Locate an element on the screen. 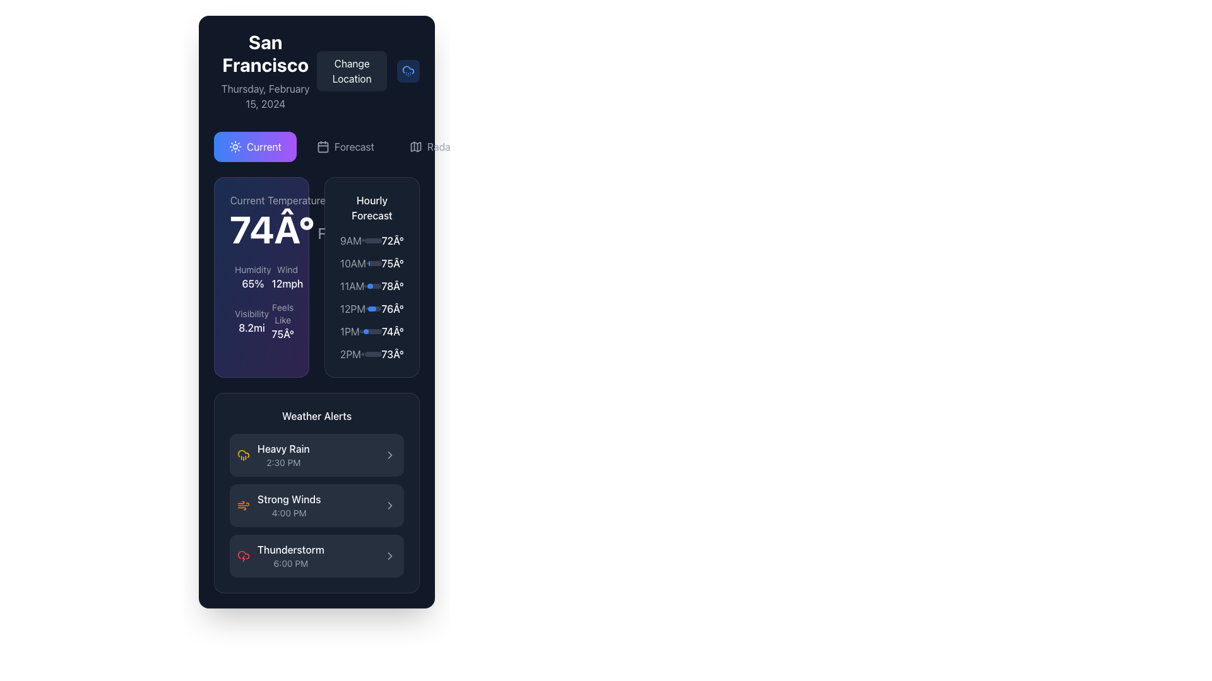  weather alert information displayed in the first item of the 'Weather Alerts' list, indicating heavy rain and its occurrence time is located at coordinates (273, 455).